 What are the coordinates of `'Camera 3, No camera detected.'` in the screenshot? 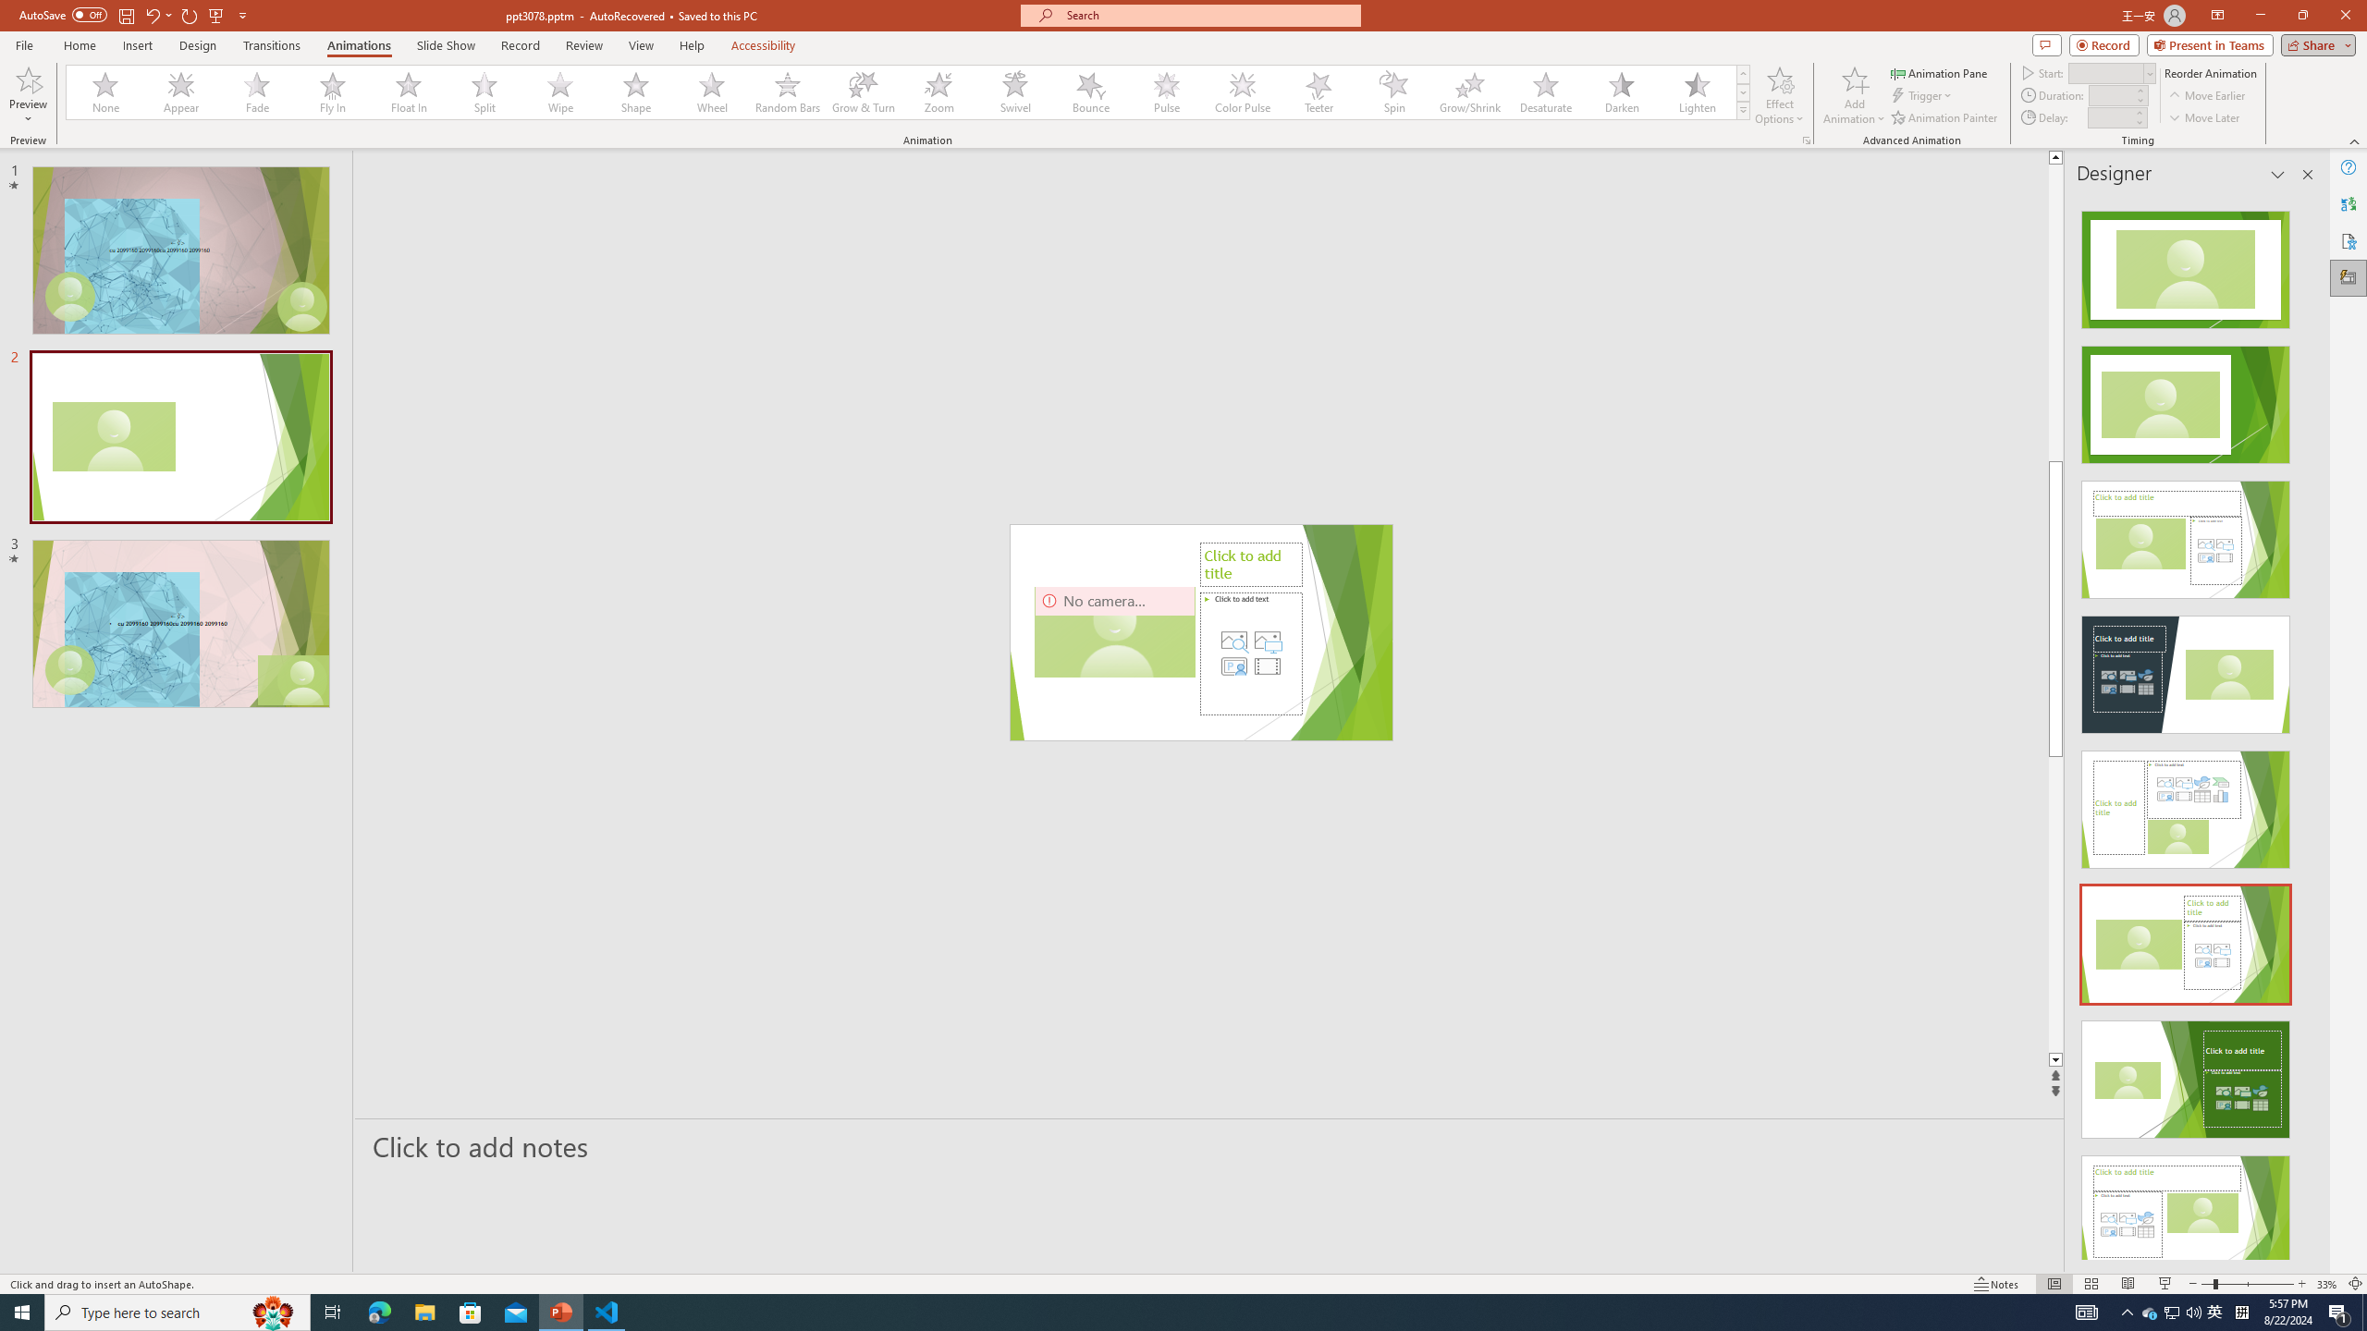 It's located at (1113, 631).